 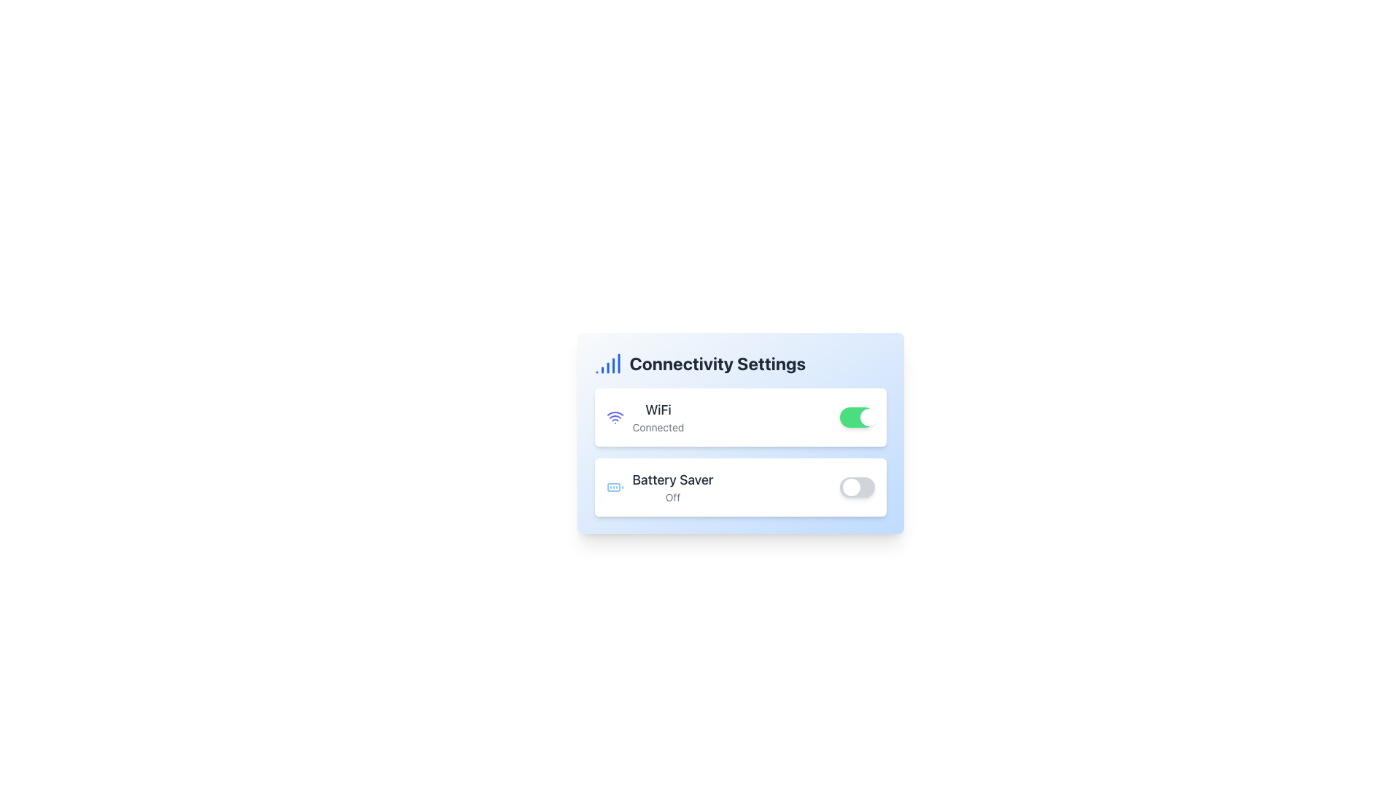 What do you see at coordinates (672, 487) in the screenshot?
I see `the 'Battery Saver' informational text element, which consists of the bold text 'Battery Saver' above the lighter text 'Off', located in the second row under 'Connectivity Settings'` at bounding box center [672, 487].